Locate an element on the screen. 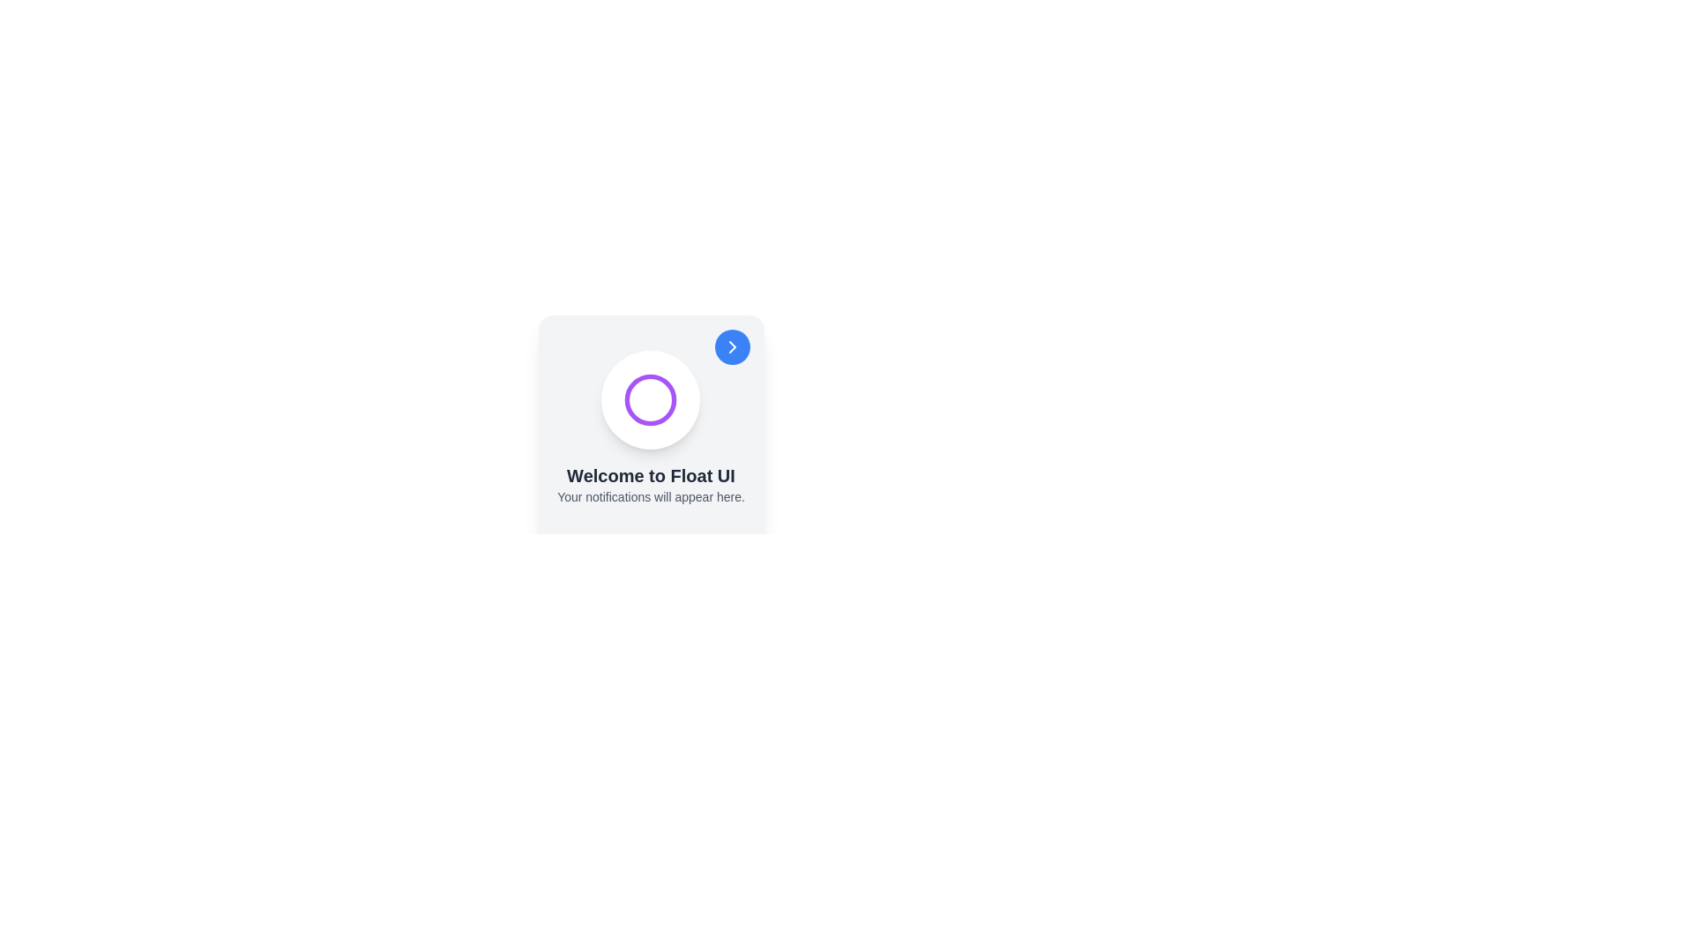 Image resolution: width=1693 pixels, height=952 pixels. the small right-pointing chevron icon with a white stroke and blue background located in the top-right corner of a card is located at coordinates (732, 346).